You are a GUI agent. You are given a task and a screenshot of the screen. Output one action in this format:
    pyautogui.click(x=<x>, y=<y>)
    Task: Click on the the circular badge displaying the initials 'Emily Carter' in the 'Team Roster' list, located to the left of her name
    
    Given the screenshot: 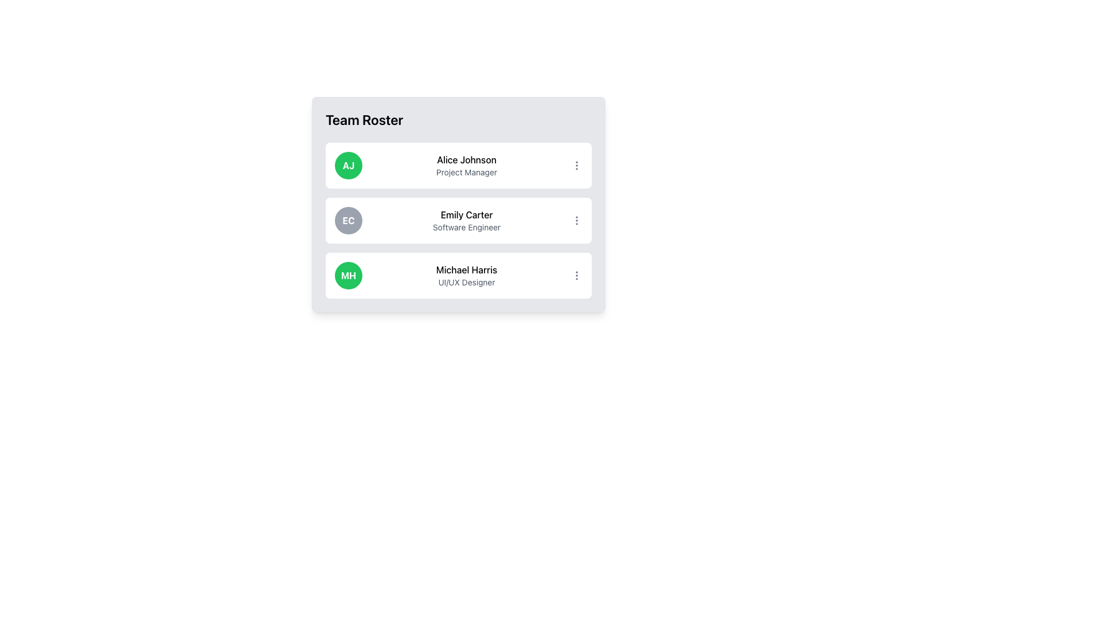 What is the action you would take?
    pyautogui.click(x=348, y=221)
    